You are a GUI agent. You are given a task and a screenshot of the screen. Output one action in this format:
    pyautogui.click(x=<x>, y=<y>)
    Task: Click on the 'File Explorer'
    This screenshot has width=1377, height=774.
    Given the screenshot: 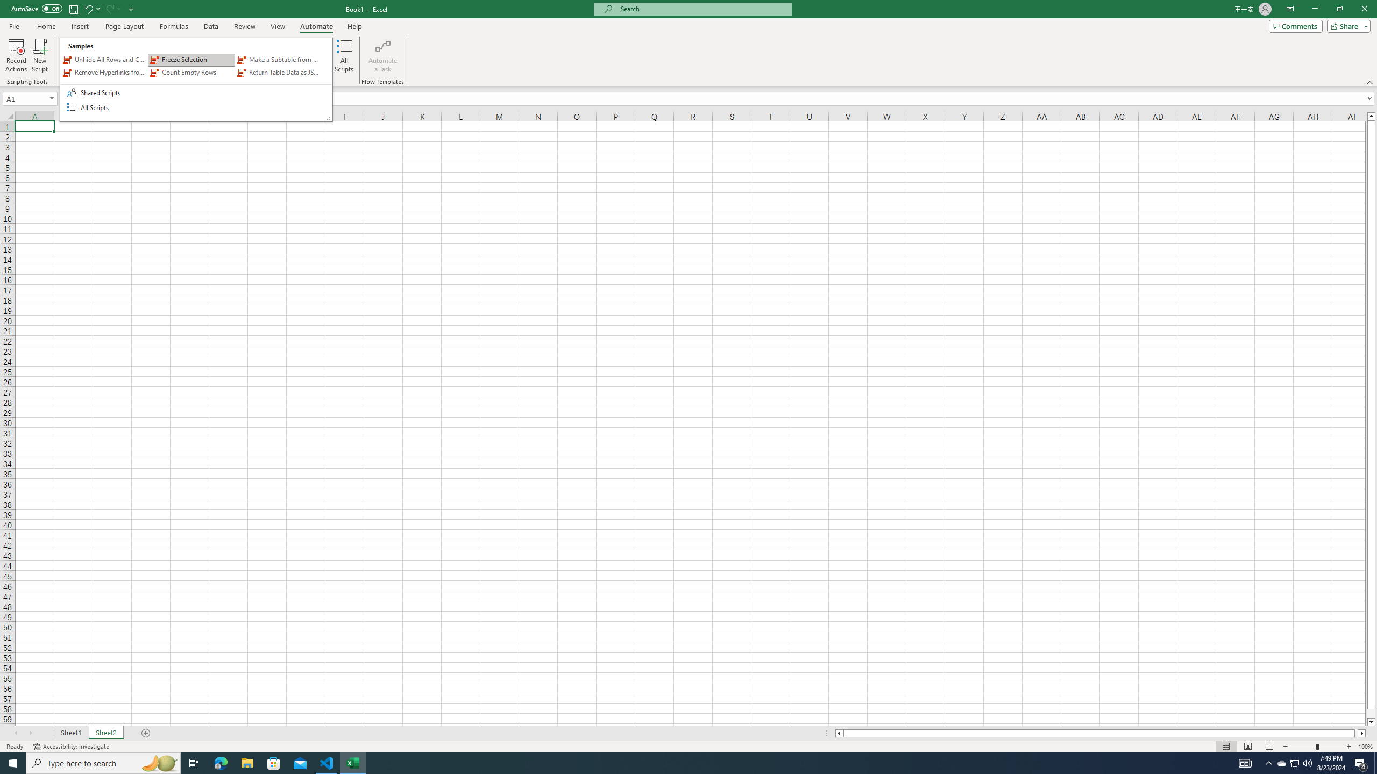 What is the action you would take?
    pyautogui.click(x=246, y=762)
    